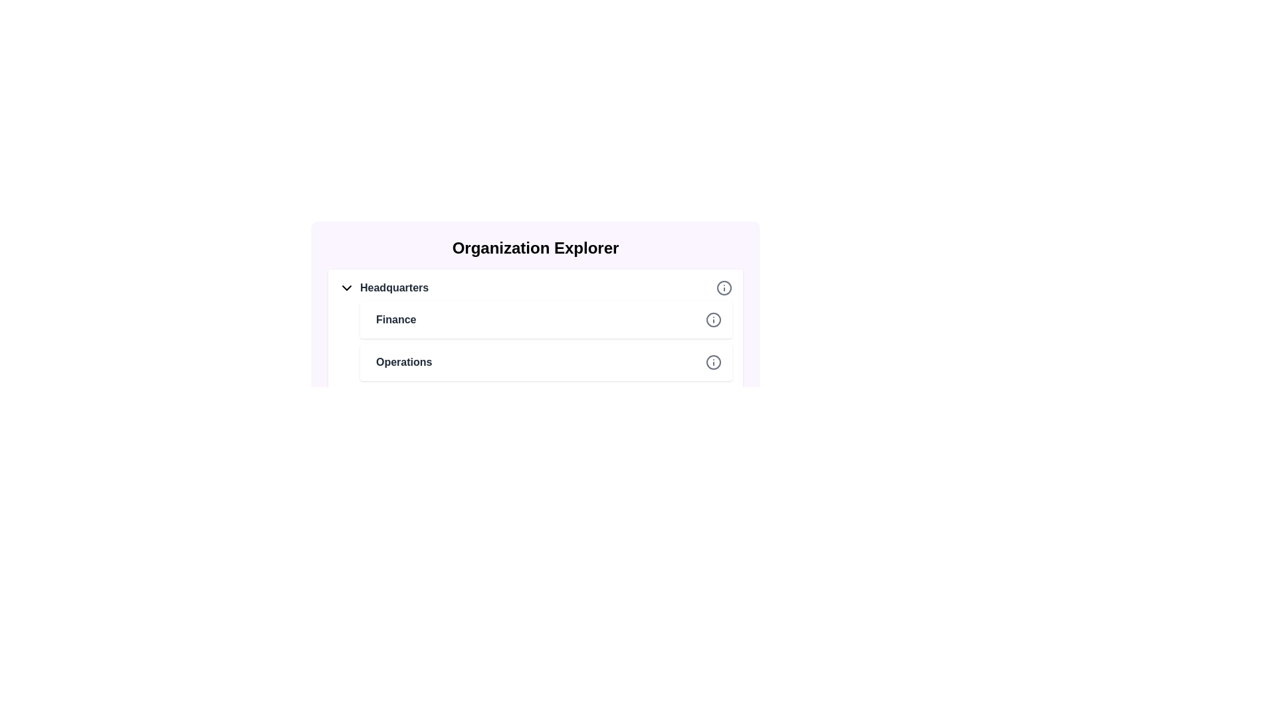 Image resolution: width=1276 pixels, height=717 pixels. Describe the element at coordinates (401, 362) in the screenshot. I see `the 'Operations' text label, which is styled in bold and dark gray, located in the second row under the 'Headquarters' section` at that location.